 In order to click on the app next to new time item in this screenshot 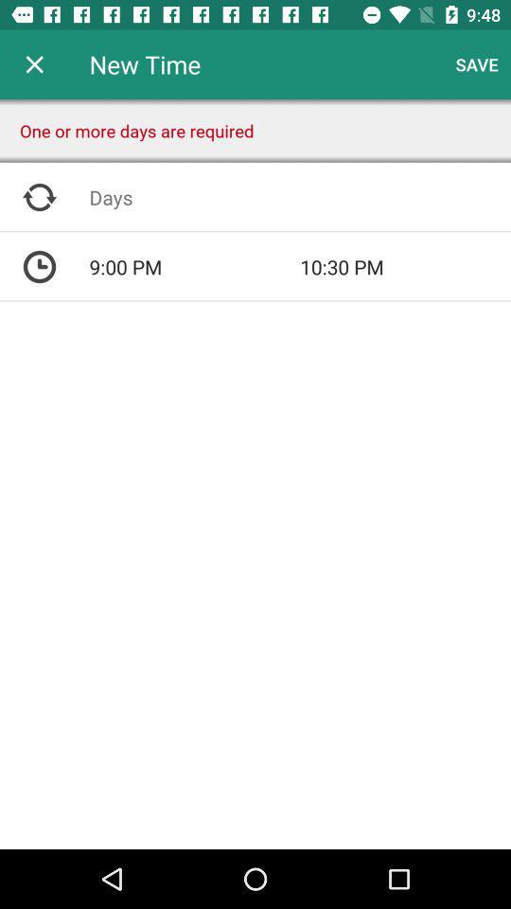, I will do `click(34, 64)`.